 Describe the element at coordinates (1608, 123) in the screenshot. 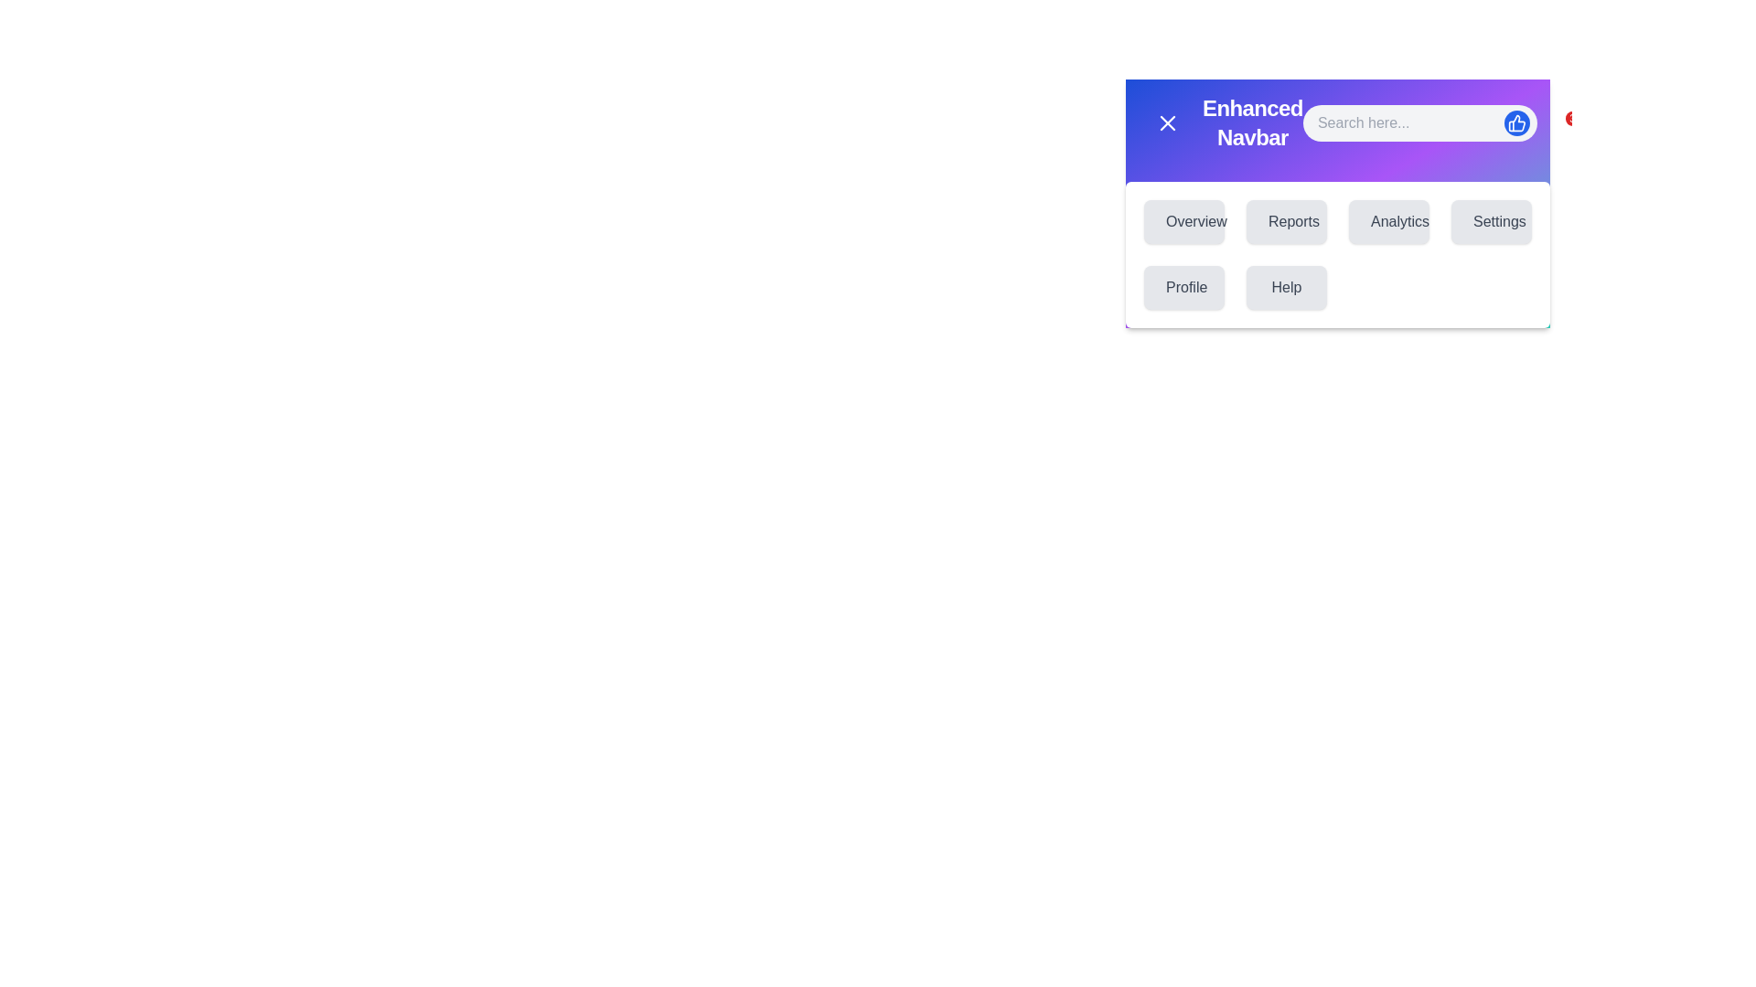

I see `the user icon to access profile actions` at that location.